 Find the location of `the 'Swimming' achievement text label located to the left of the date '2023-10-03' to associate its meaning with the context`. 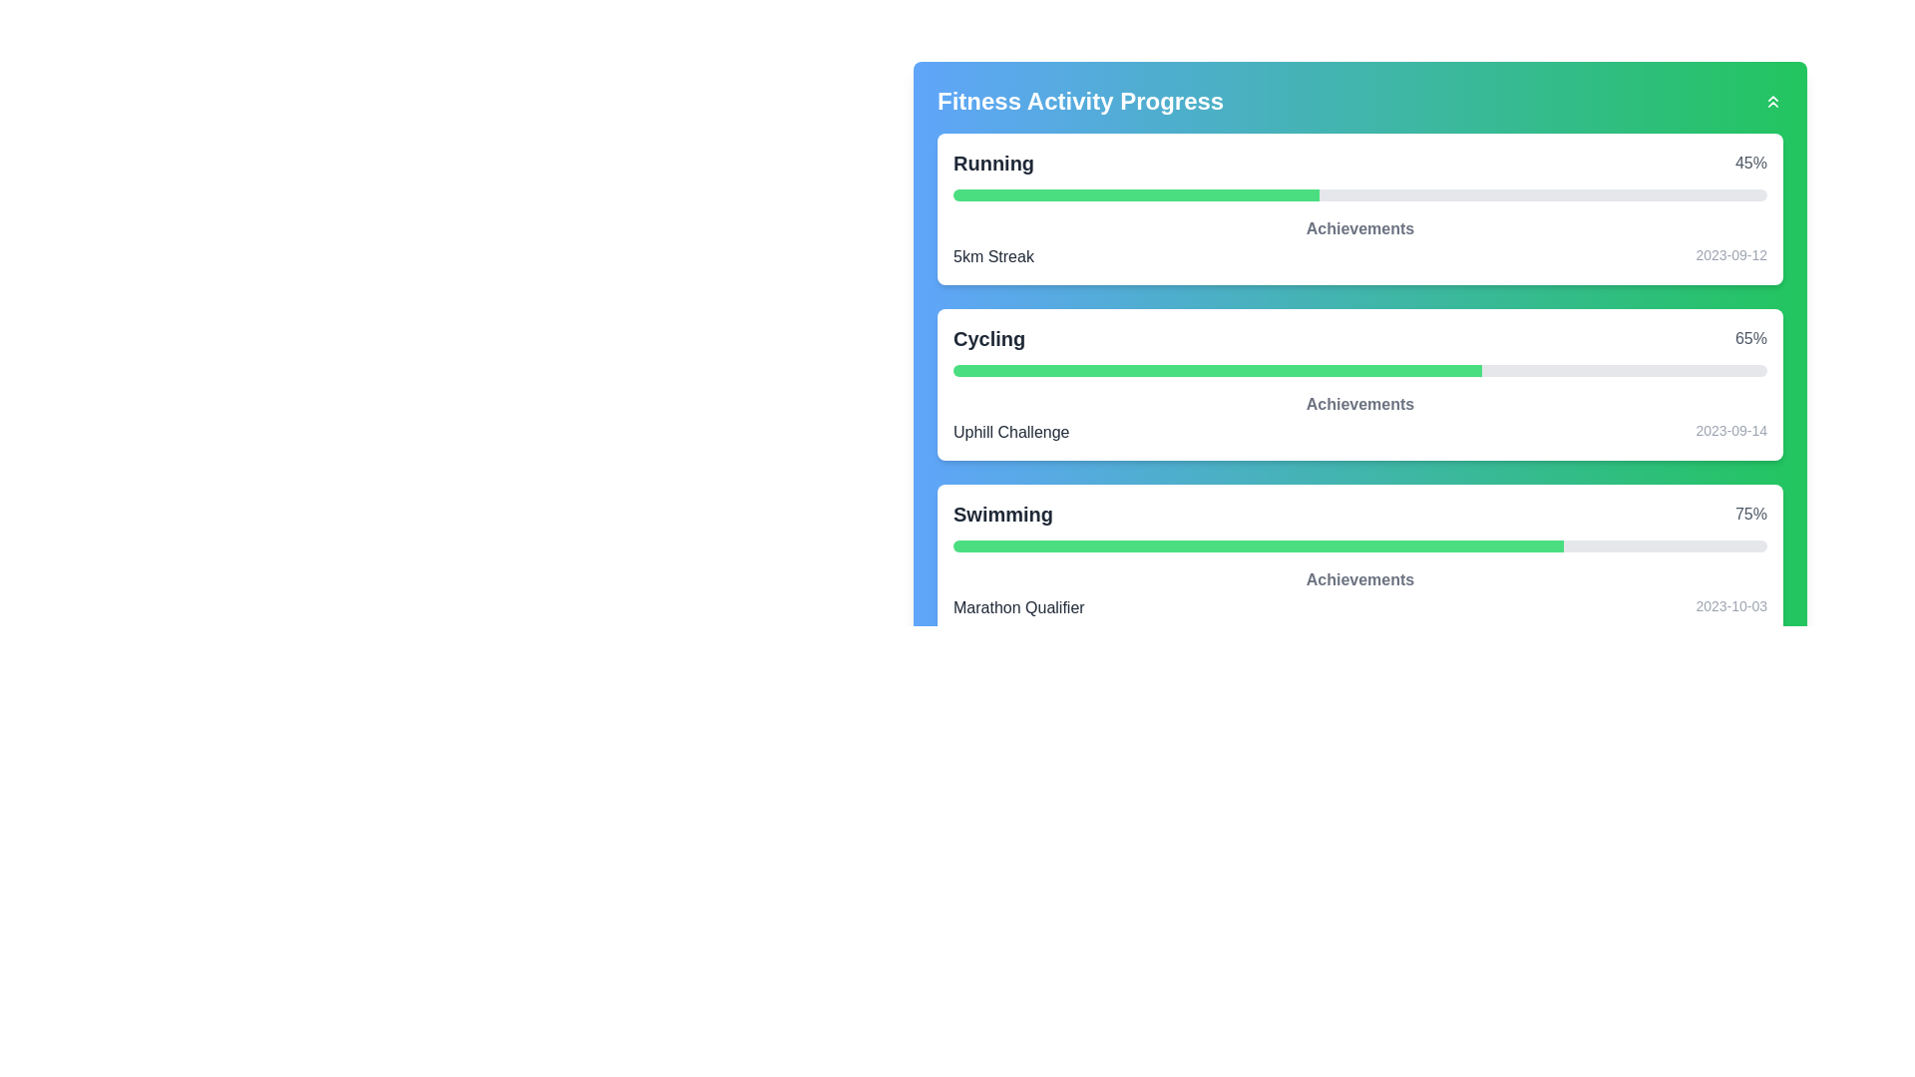

the 'Swimming' achievement text label located to the left of the date '2023-10-03' to associate its meaning with the context is located at coordinates (1018, 606).